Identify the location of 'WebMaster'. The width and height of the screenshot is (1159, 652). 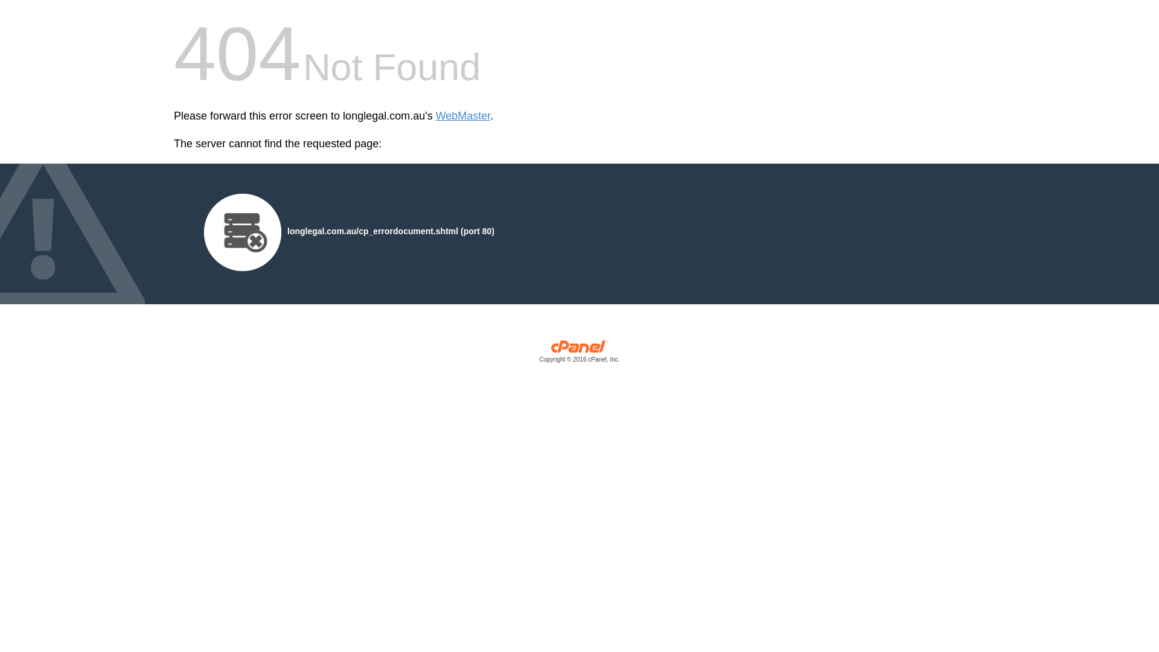
(462, 116).